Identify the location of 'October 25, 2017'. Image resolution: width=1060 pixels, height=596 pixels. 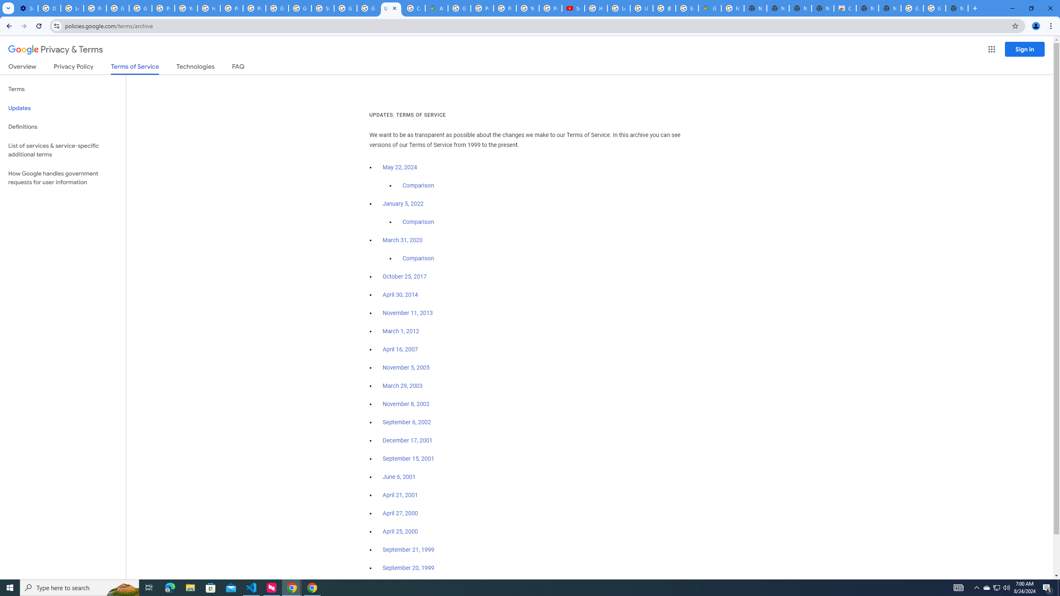
(405, 276).